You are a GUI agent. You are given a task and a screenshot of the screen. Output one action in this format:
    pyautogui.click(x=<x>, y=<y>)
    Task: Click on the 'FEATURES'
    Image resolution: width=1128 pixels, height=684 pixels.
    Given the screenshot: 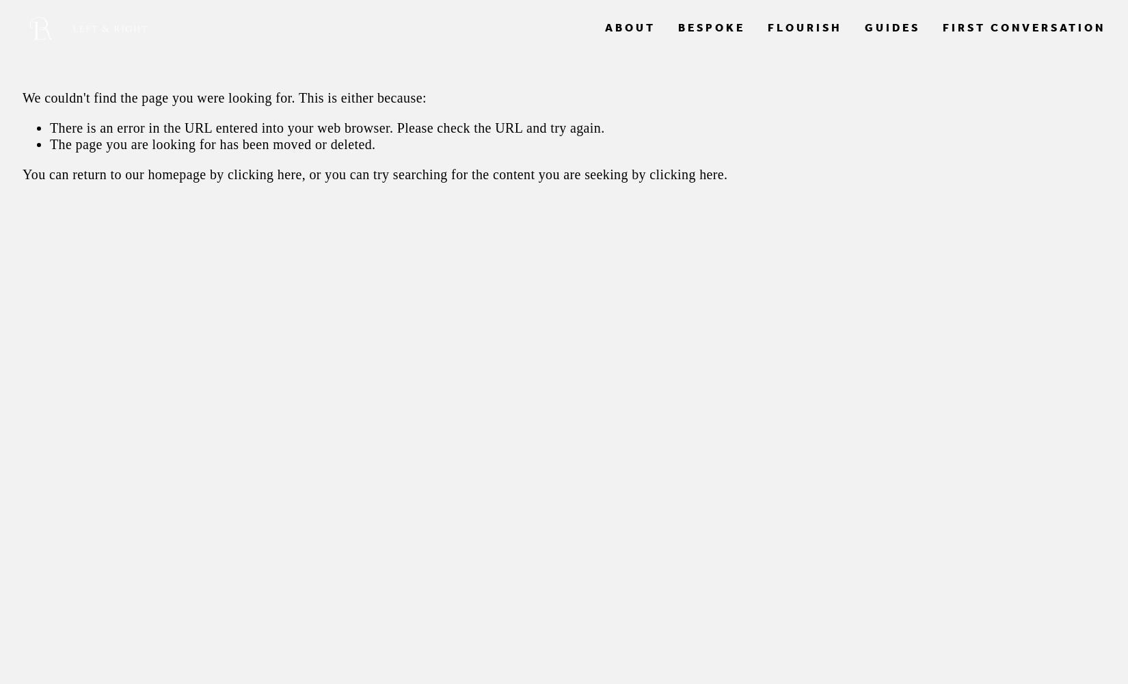 What is the action you would take?
    pyautogui.click(x=619, y=66)
    